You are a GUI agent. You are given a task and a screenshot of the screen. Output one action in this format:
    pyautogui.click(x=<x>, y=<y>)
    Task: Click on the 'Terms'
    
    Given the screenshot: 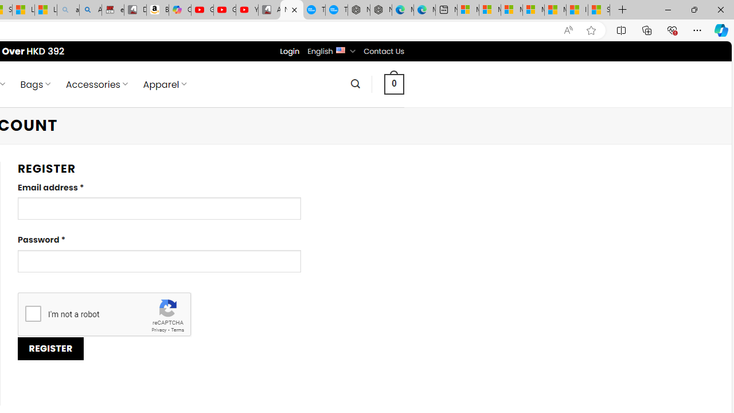 What is the action you would take?
    pyautogui.click(x=177, y=330)
    